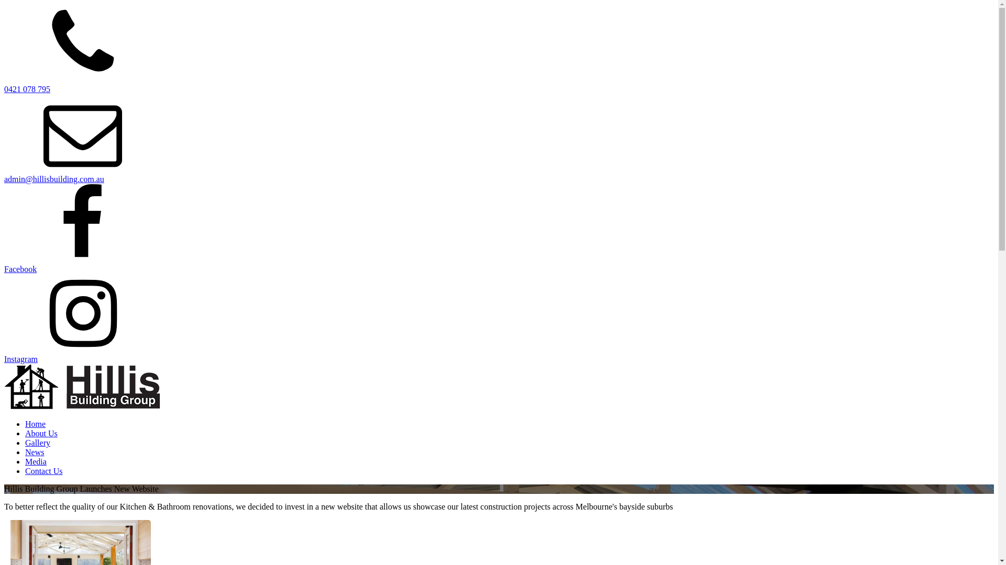 The height and width of the screenshot is (565, 1006). What do you see at coordinates (35, 424) in the screenshot?
I see `'Home'` at bounding box center [35, 424].